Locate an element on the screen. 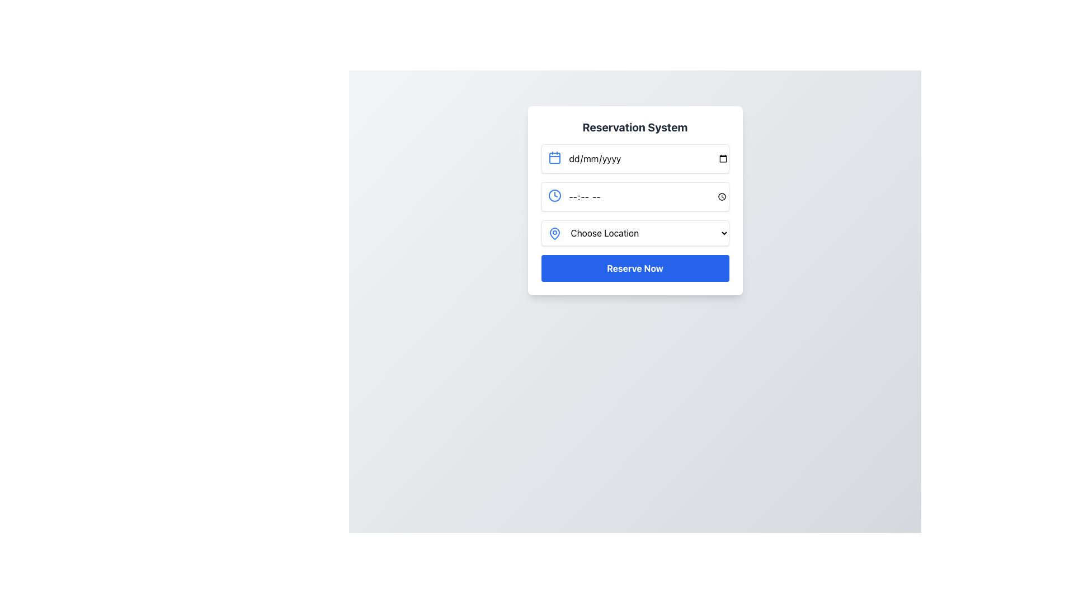  the Time Input Field, which is the second input field in the reservation system form is located at coordinates (635, 196).